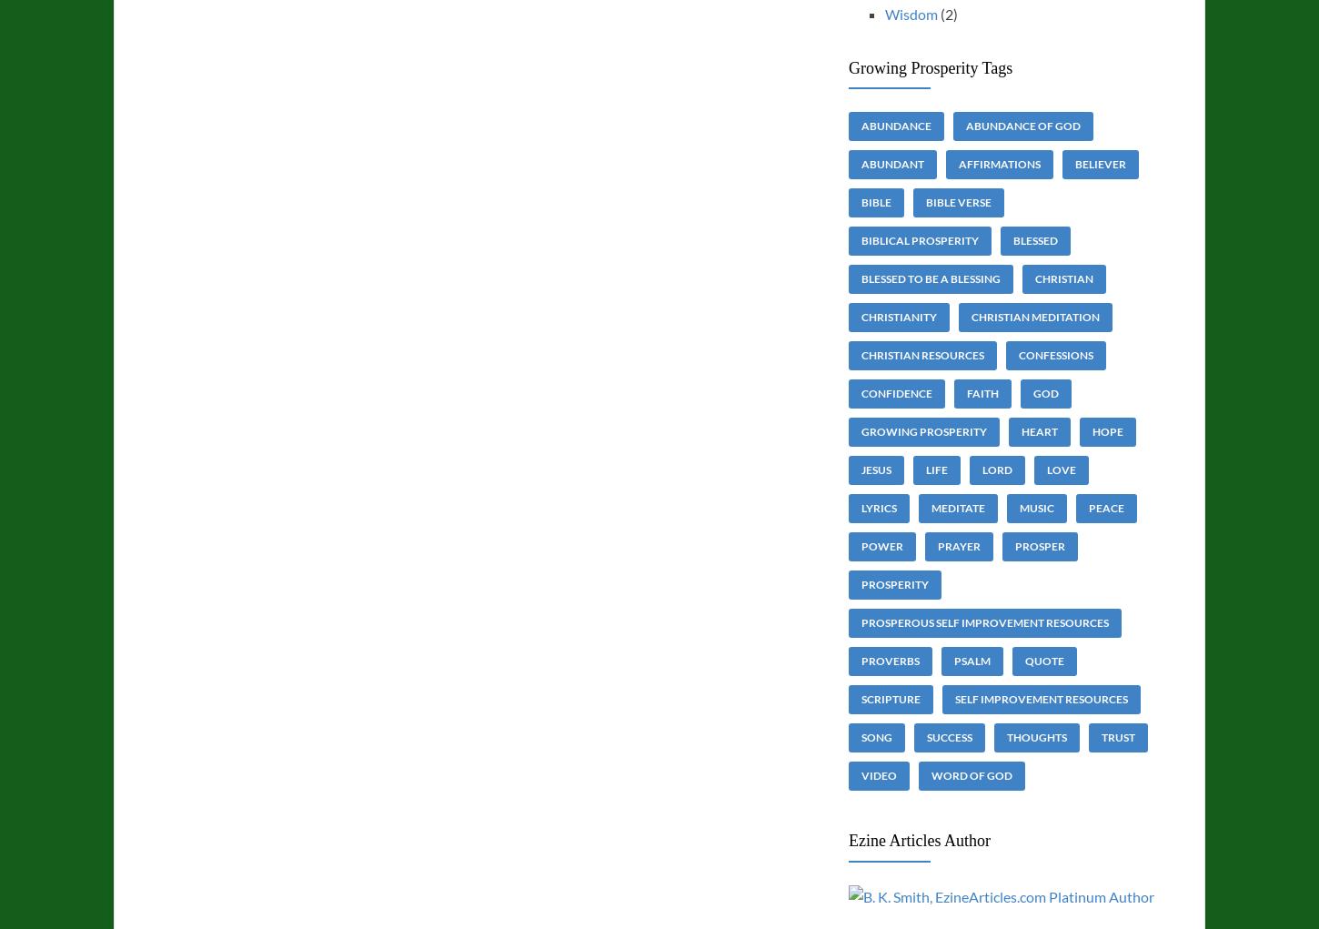  I want to click on 'abundant', so click(891, 163).